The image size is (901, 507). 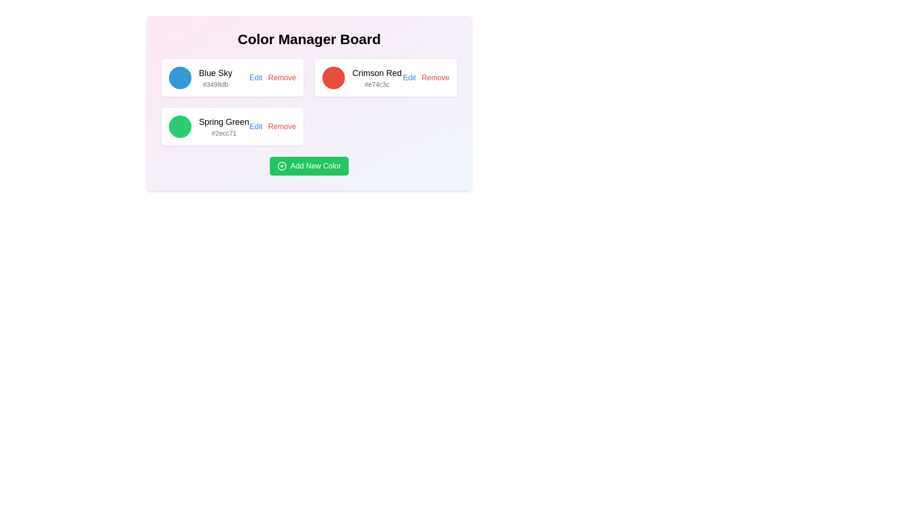 What do you see at coordinates (309, 166) in the screenshot?
I see `the 'Add New Color' button with a green background and white text located centrally below the color cards in the 'Color Manager Board'` at bounding box center [309, 166].